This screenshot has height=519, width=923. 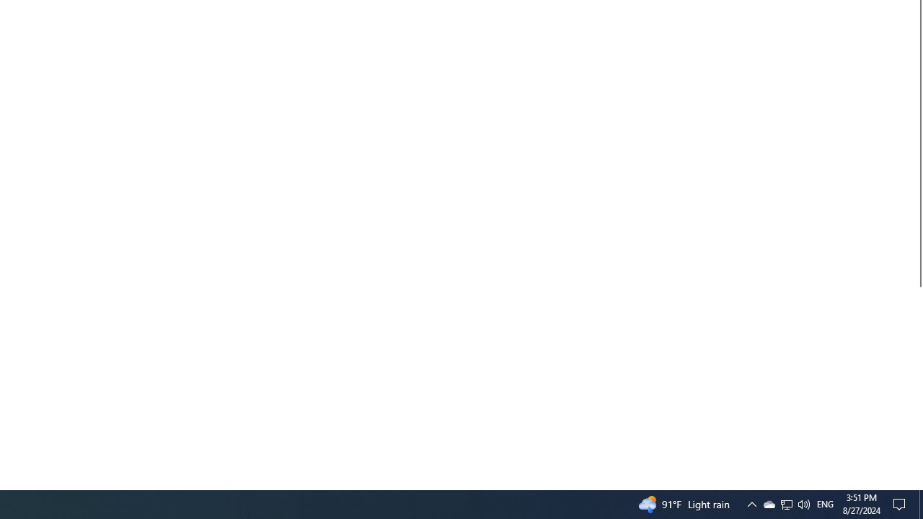 What do you see at coordinates (786, 503) in the screenshot?
I see `'User Promoted Notification Area'` at bounding box center [786, 503].